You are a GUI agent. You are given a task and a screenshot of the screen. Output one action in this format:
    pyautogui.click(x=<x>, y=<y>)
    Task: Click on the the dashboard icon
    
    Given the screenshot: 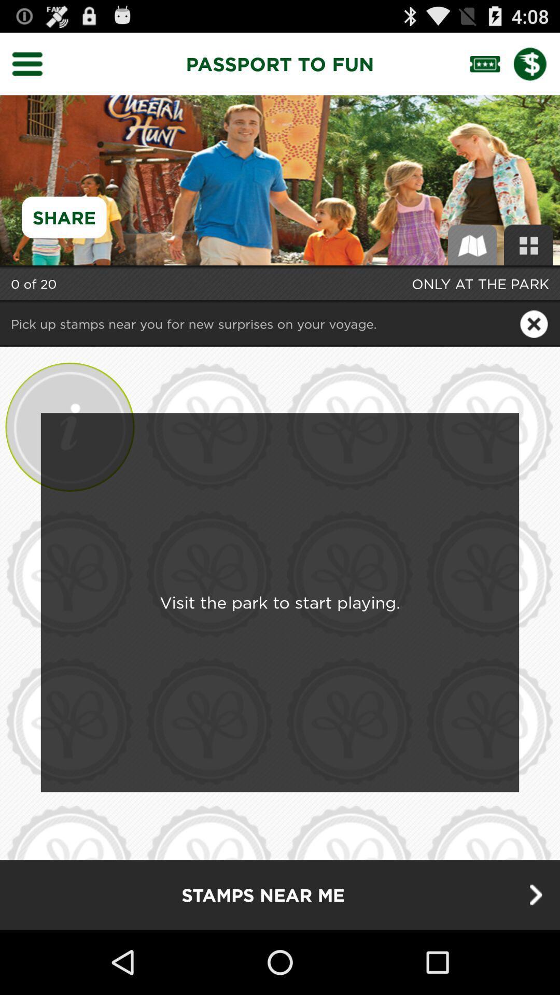 What is the action you would take?
    pyautogui.click(x=528, y=262)
    